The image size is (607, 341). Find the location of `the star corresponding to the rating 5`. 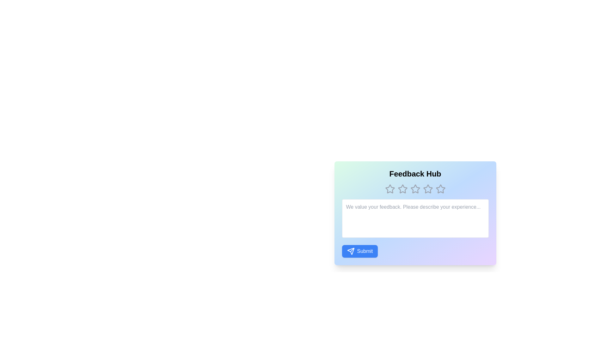

the star corresponding to the rating 5 is located at coordinates (440, 188).